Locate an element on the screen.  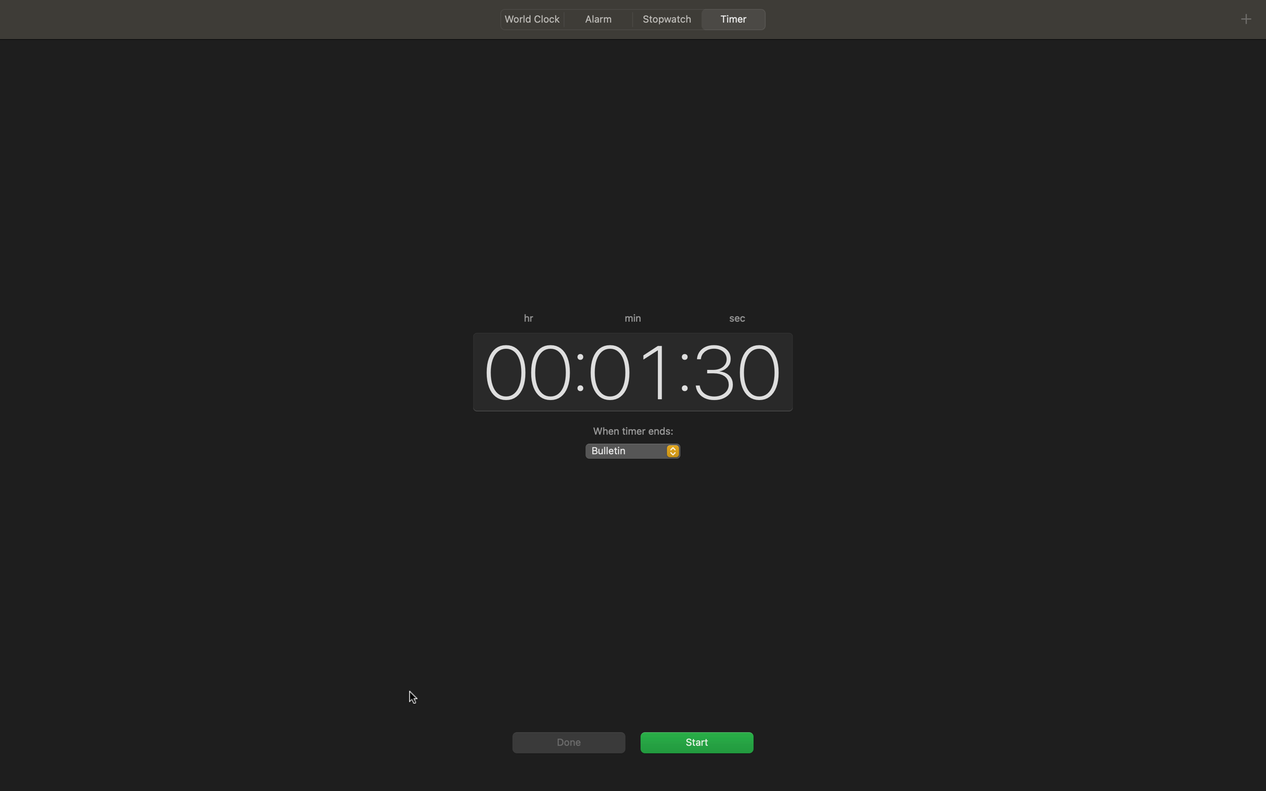
Enhance the hour count by one is located at coordinates (523, 370).